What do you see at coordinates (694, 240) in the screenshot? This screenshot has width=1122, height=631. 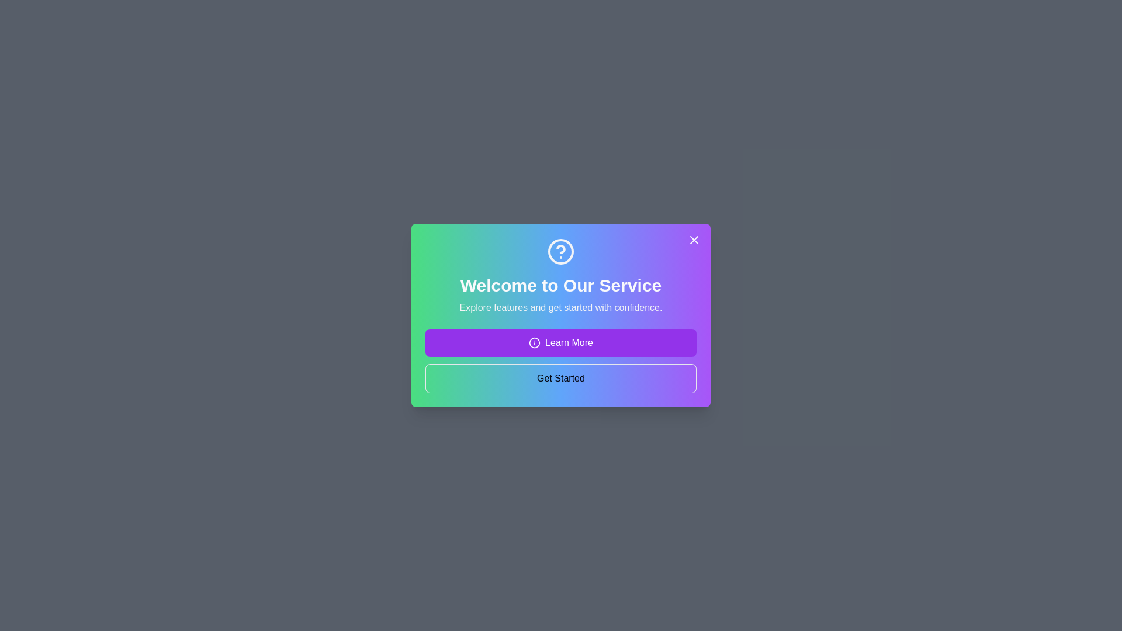 I see `the close button located at the top-right corner of the dialog` at bounding box center [694, 240].